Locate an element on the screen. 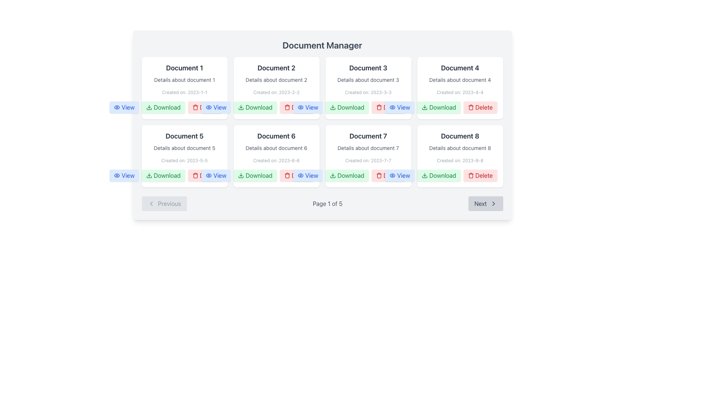 The image size is (711, 400). the rectangular card with a white background, rounded corners, and interactive buttons located in the second row, second column of the grid layout is located at coordinates (276, 156).